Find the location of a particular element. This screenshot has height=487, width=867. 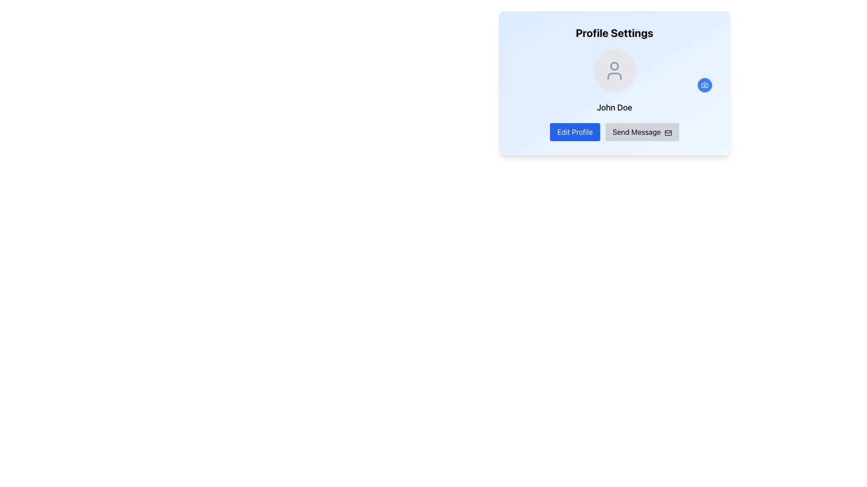

the profile picture upload button located at the bottom-right corner of the 'Profile Settings' card is located at coordinates (704, 85).